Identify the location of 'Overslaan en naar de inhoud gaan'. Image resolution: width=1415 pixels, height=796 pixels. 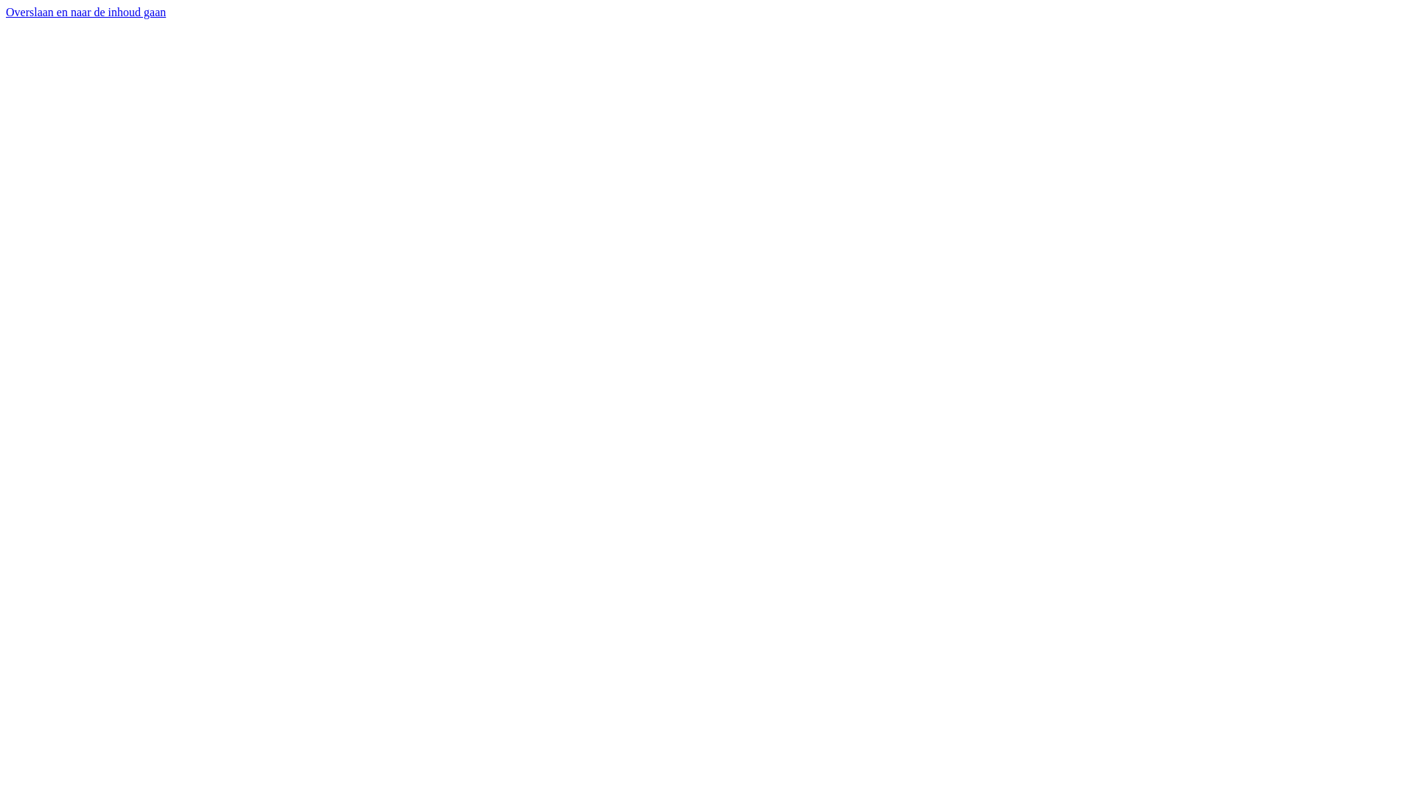
(6, 12).